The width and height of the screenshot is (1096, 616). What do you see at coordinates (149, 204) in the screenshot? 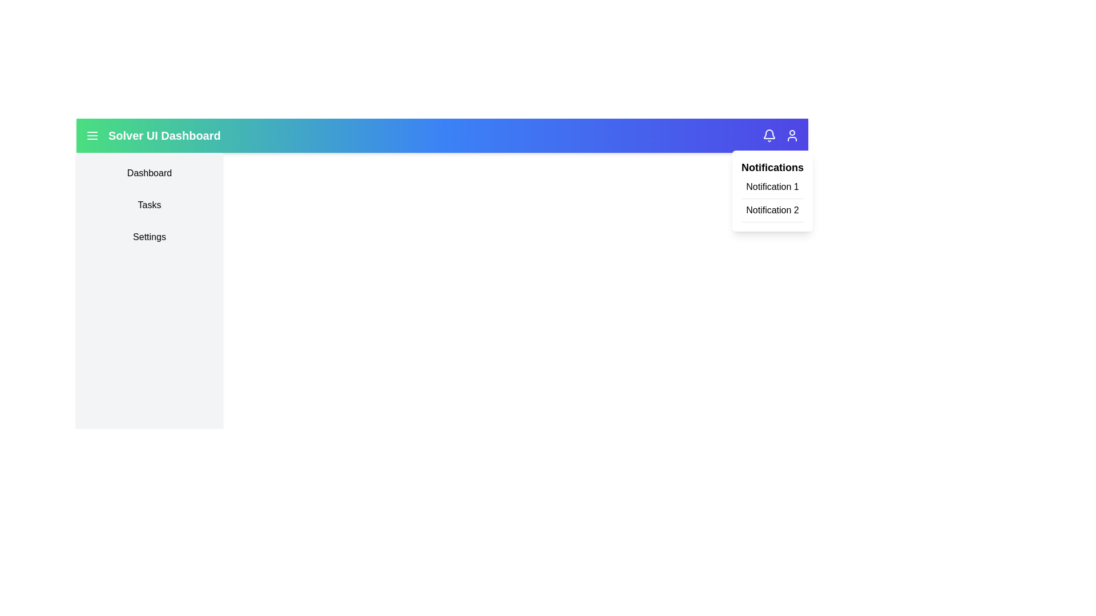
I see `the navigation menu located in the left sidebar of the application` at bounding box center [149, 204].